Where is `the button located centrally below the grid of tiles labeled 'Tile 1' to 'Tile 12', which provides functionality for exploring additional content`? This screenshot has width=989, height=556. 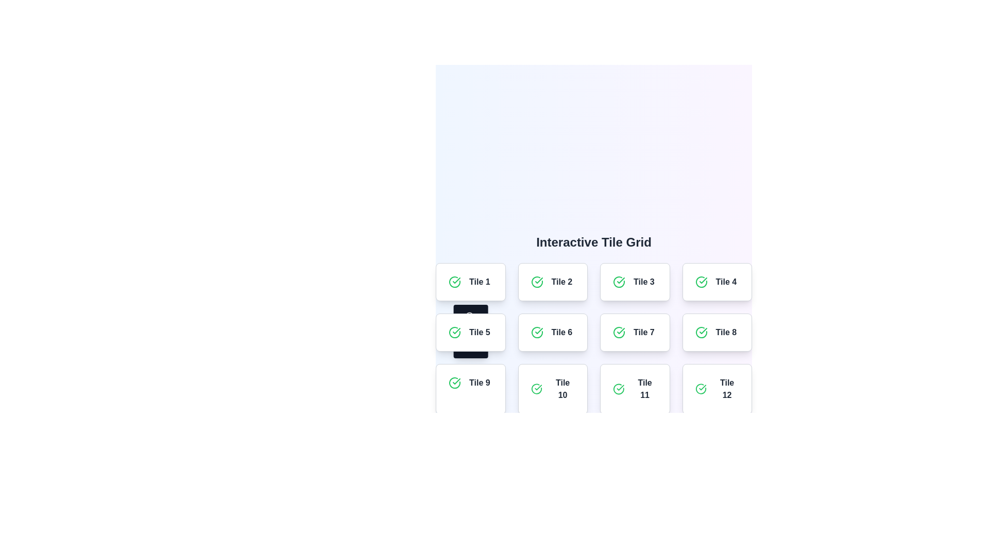 the button located centrally below the grid of tiles labeled 'Tile 1' to 'Tile 12', which provides functionality for exploring additional content is located at coordinates (593, 440).